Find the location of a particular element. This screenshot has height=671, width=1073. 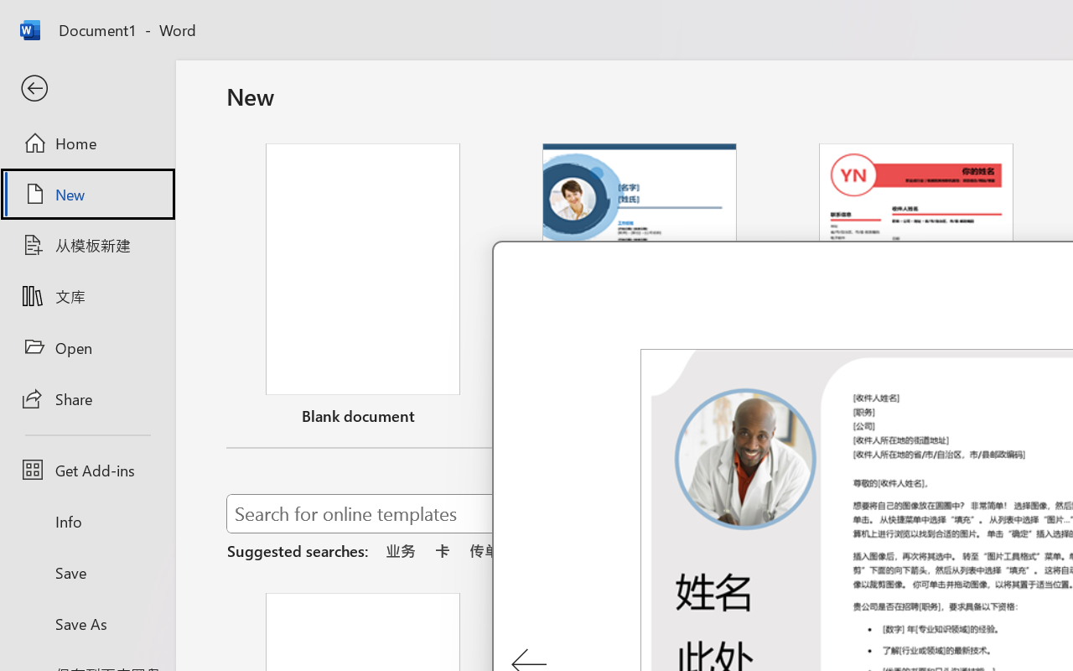

'Save As' is located at coordinates (86, 623).